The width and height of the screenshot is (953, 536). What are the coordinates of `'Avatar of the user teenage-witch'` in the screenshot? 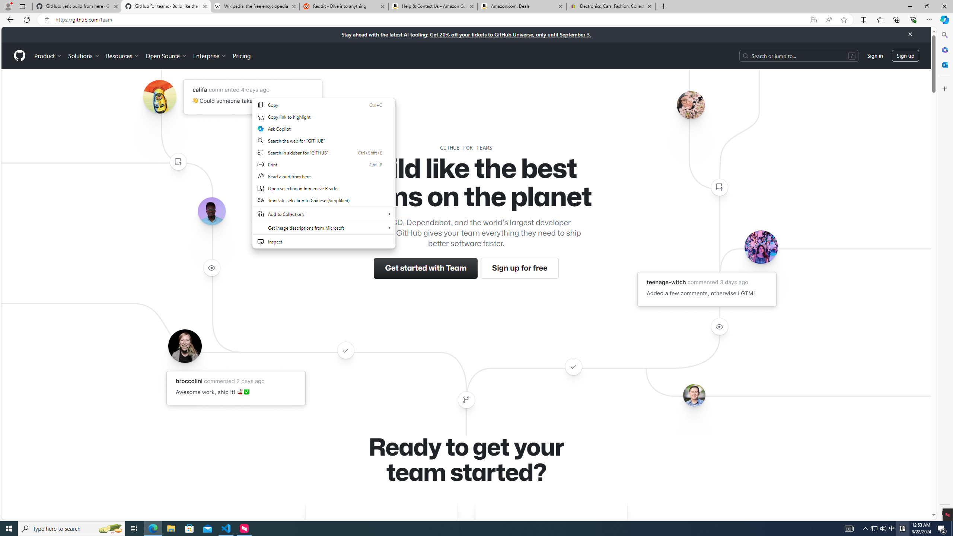 It's located at (761, 246).